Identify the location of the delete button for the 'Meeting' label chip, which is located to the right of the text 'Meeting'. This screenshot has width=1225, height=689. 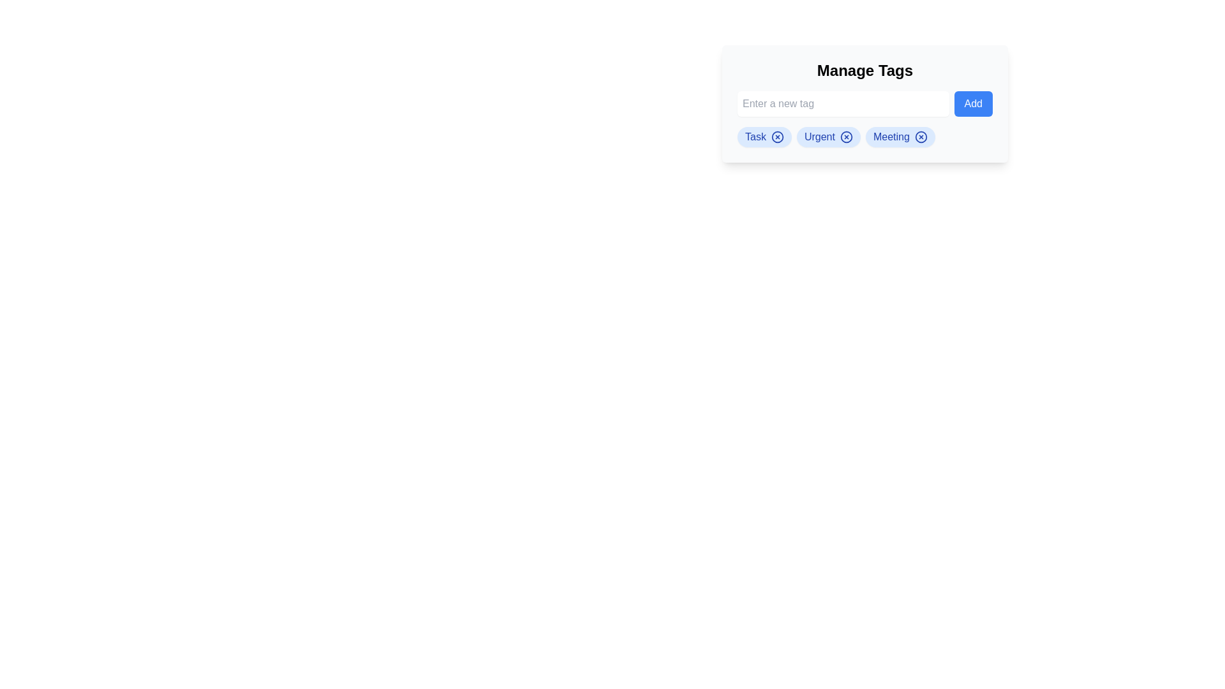
(921, 137).